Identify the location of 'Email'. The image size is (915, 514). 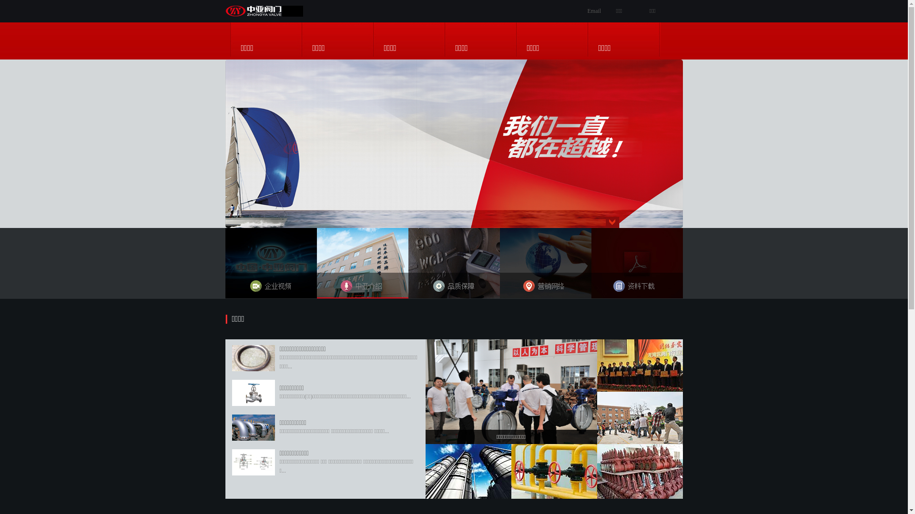
(593, 11).